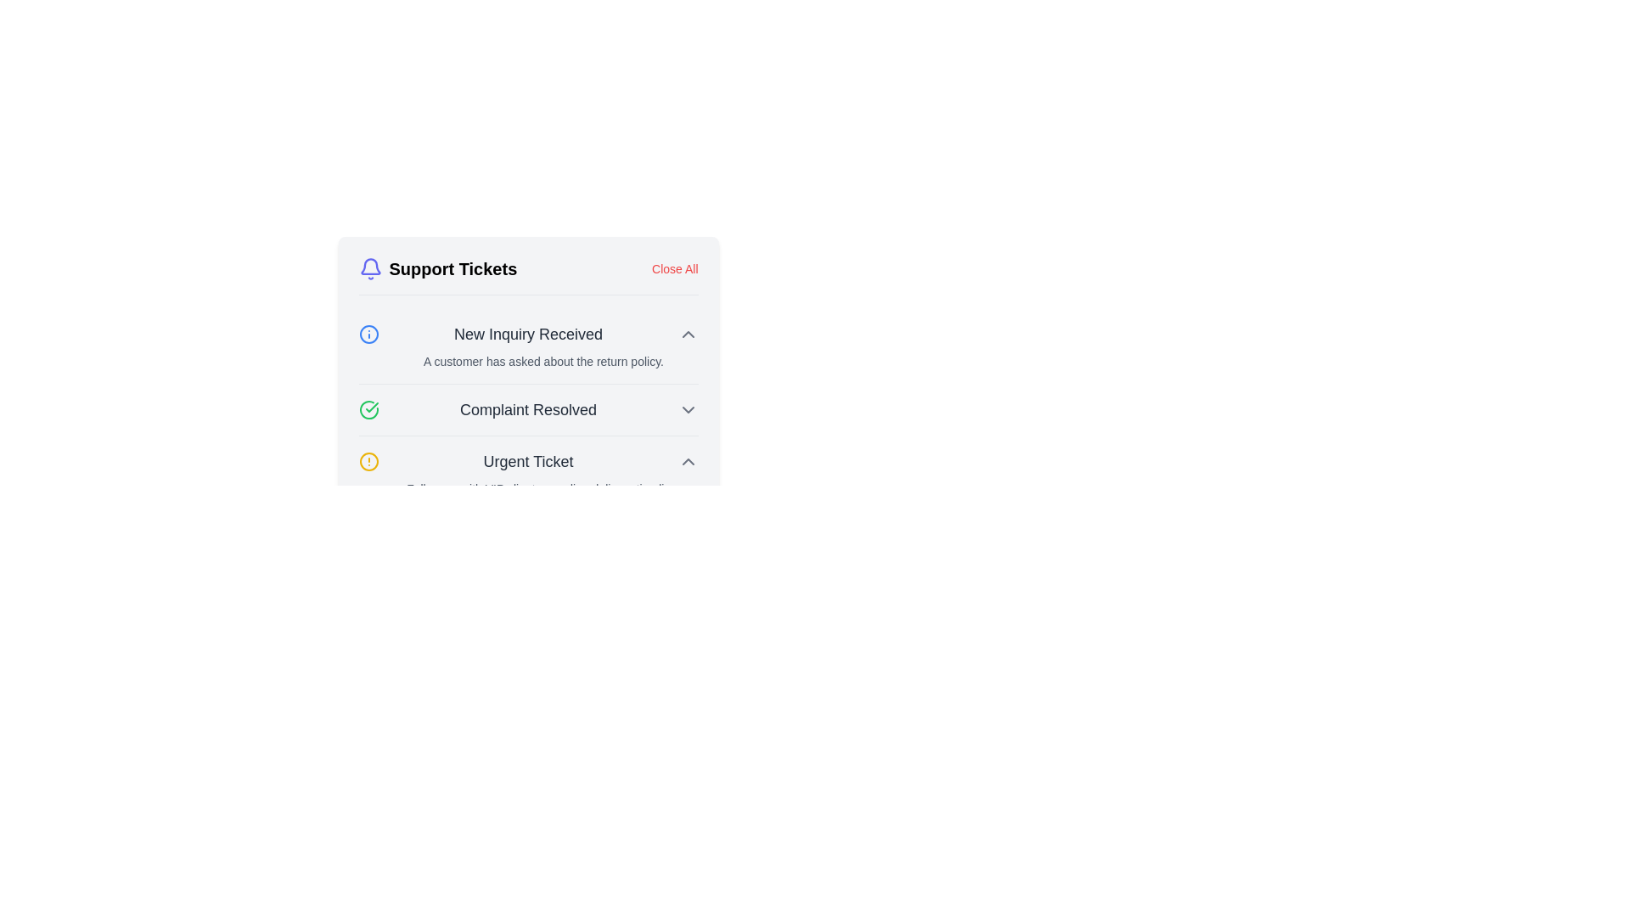 The height and width of the screenshot is (917, 1630). What do you see at coordinates (369, 267) in the screenshot?
I see `the notification indicator icon located to the left of the 'Support Tickets' text in the Support Tickets section header` at bounding box center [369, 267].